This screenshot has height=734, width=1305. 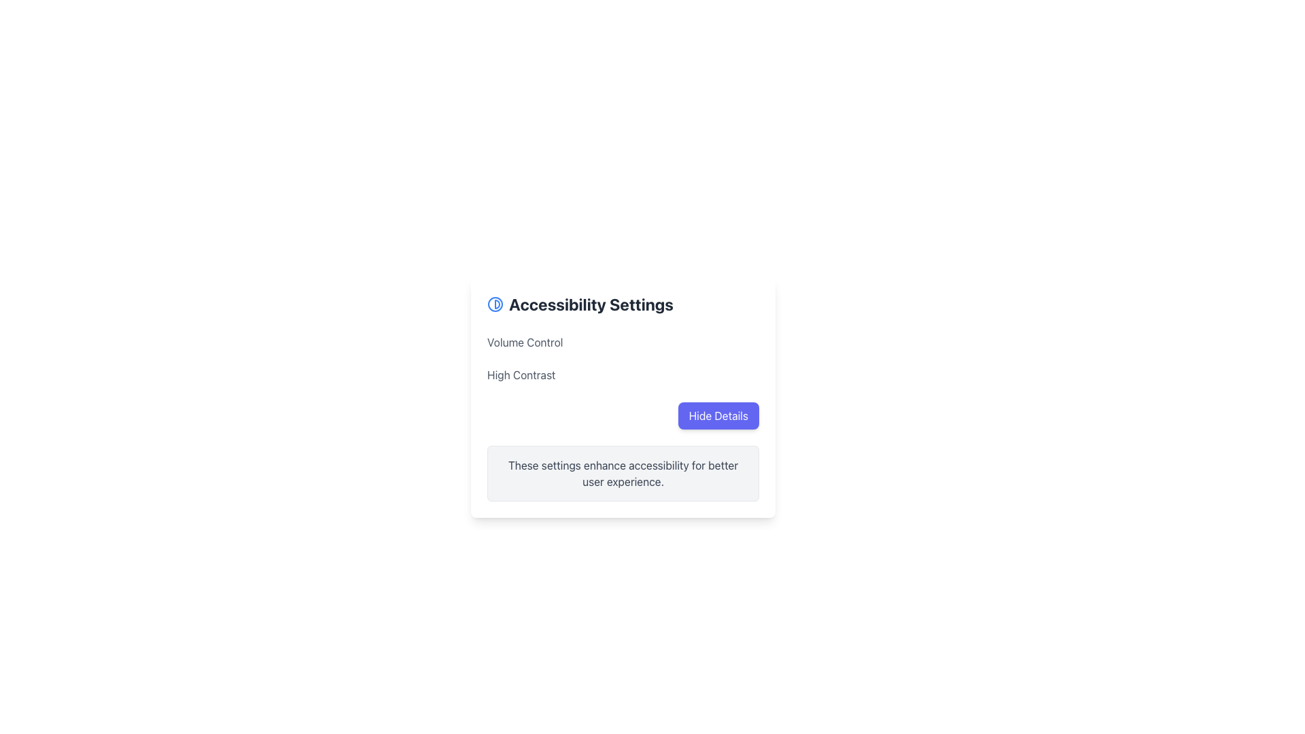 What do you see at coordinates (495, 303) in the screenshot?
I see `the 'Accessibility Settings' icon located to the left of the text, which serves as an indicator for accessibility options` at bounding box center [495, 303].